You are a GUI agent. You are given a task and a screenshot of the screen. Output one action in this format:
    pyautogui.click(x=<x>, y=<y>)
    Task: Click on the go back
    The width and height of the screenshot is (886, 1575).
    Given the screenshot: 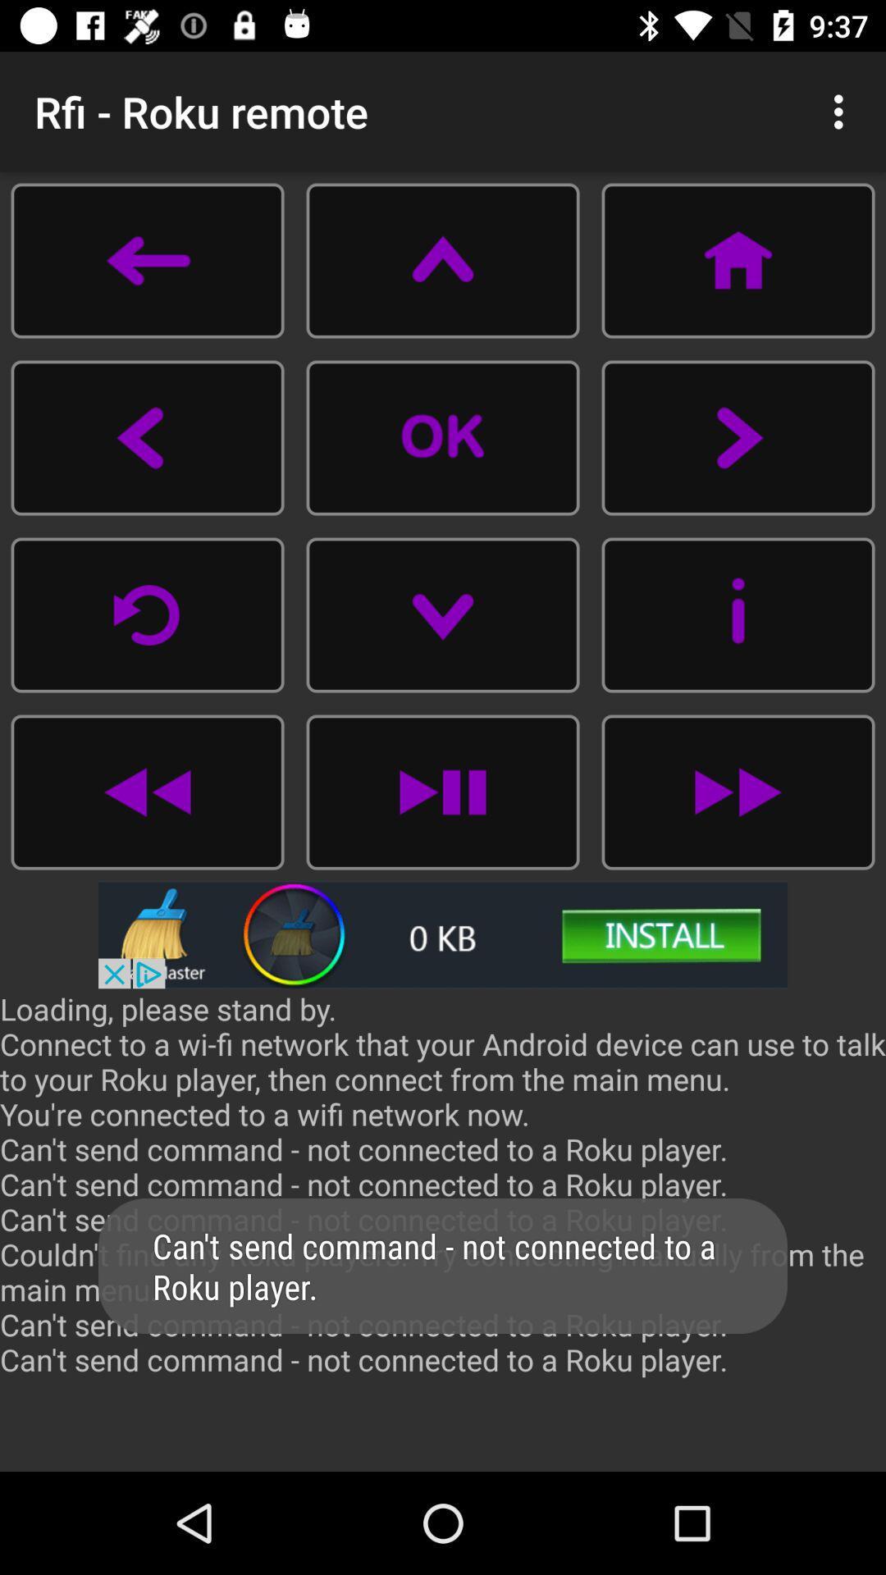 What is the action you would take?
    pyautogui.click(x=148, y=259)
    